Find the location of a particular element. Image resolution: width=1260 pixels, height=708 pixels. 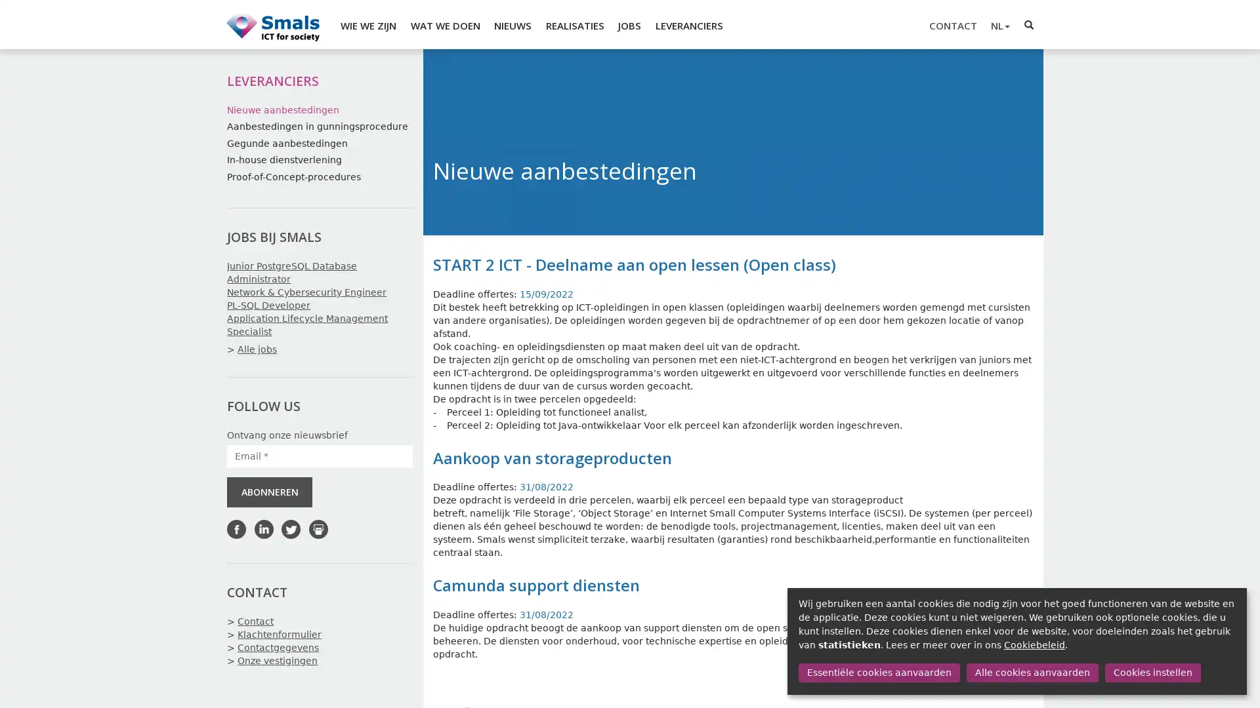

Cookies instellen is located at coordinates (1152, 673).